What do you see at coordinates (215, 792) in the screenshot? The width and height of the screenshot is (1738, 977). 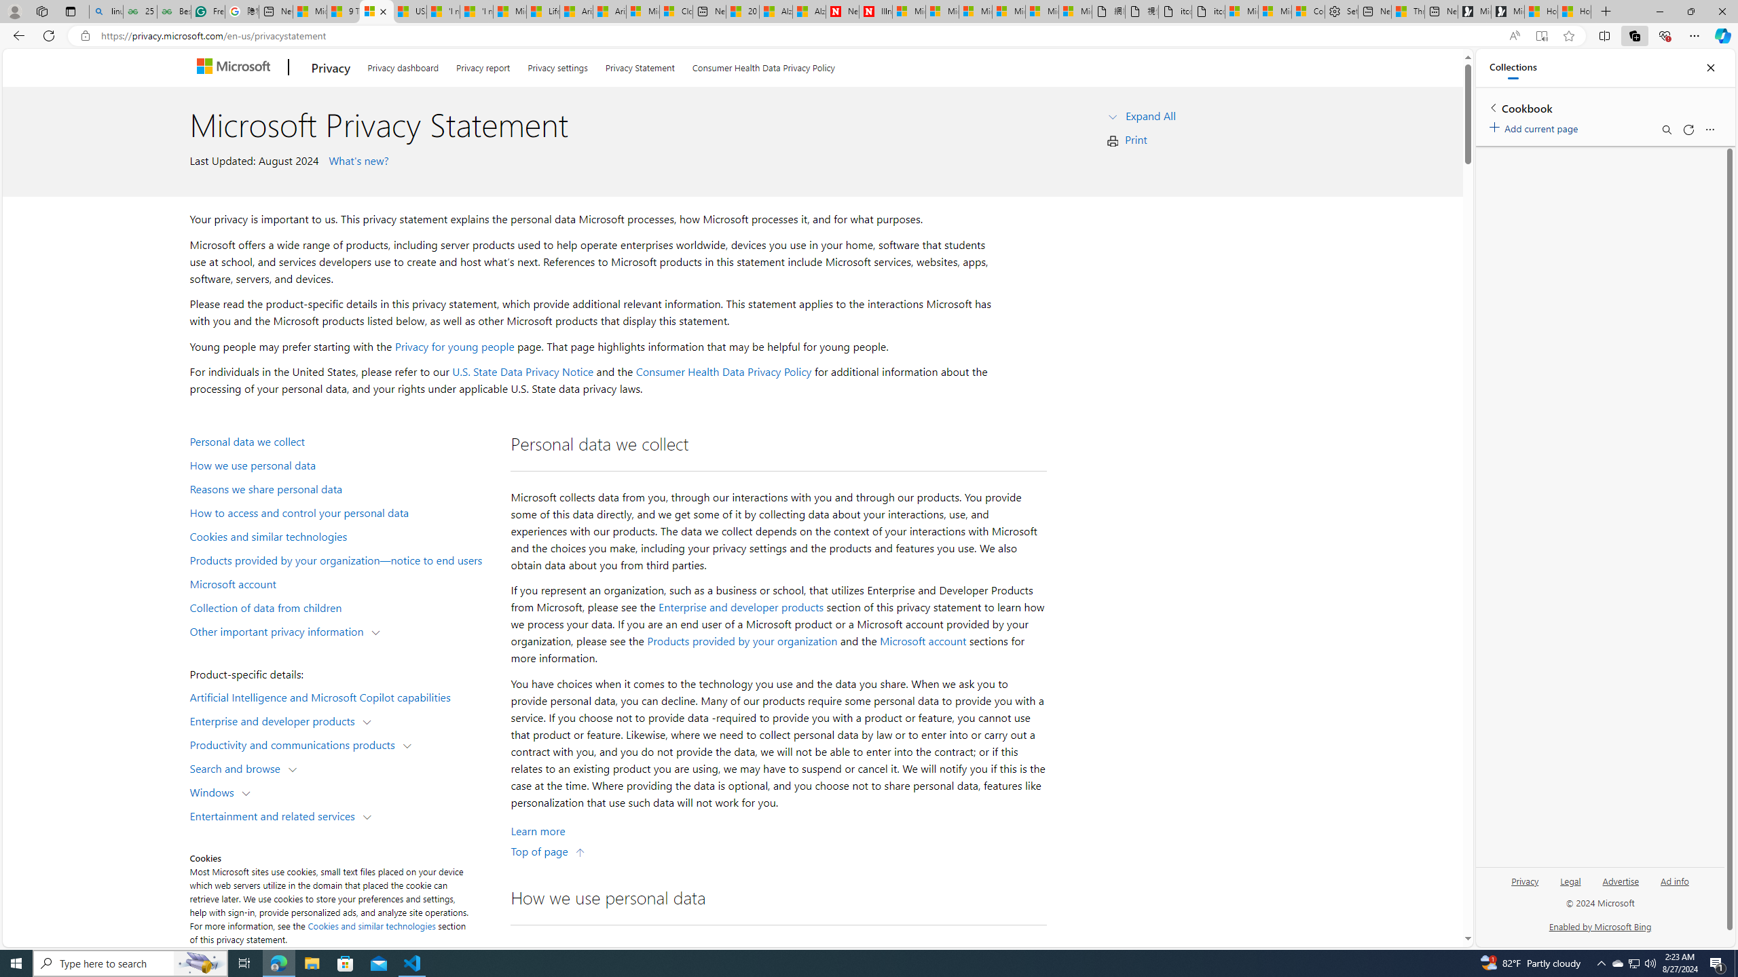 I see `'Windows'` at bounding box center [215, 792].